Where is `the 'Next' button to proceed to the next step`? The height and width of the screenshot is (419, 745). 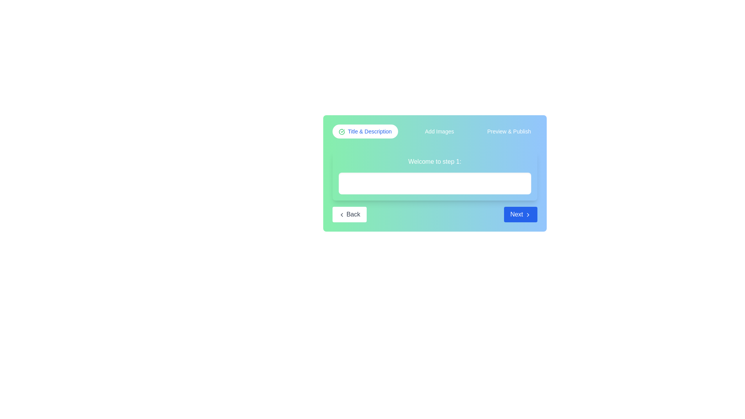
the 'Next' button to proceed to the next step is located at coordinates (520, 214).